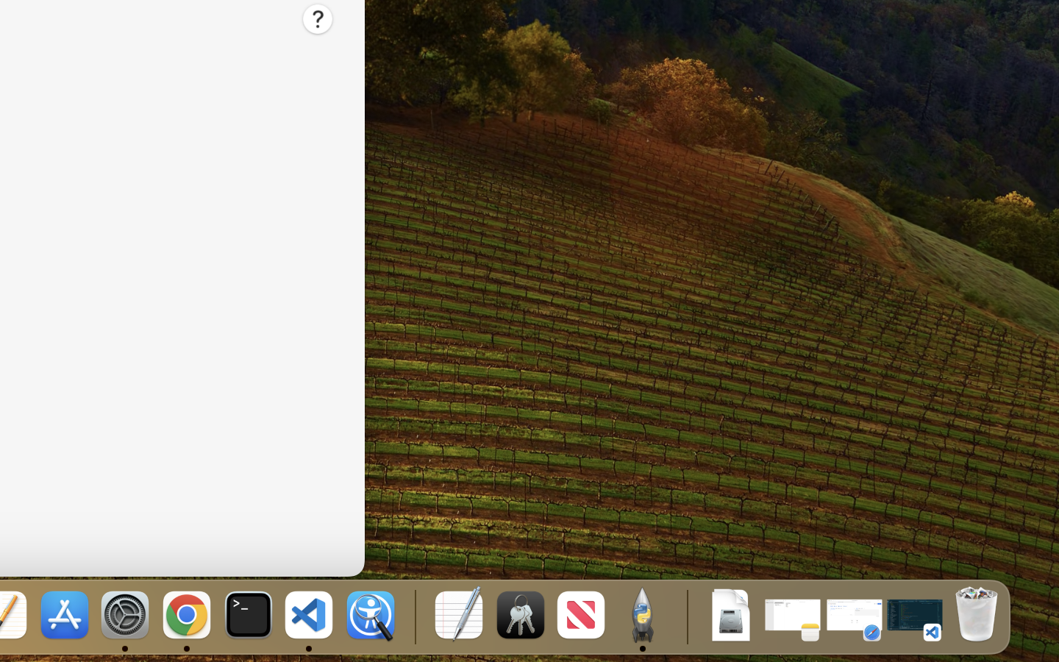 This screenshot has height=662, width=1059. Describe the element at coordinates (413, 616) in the screenshot. I see `'0.4285714328289032'` at that location.